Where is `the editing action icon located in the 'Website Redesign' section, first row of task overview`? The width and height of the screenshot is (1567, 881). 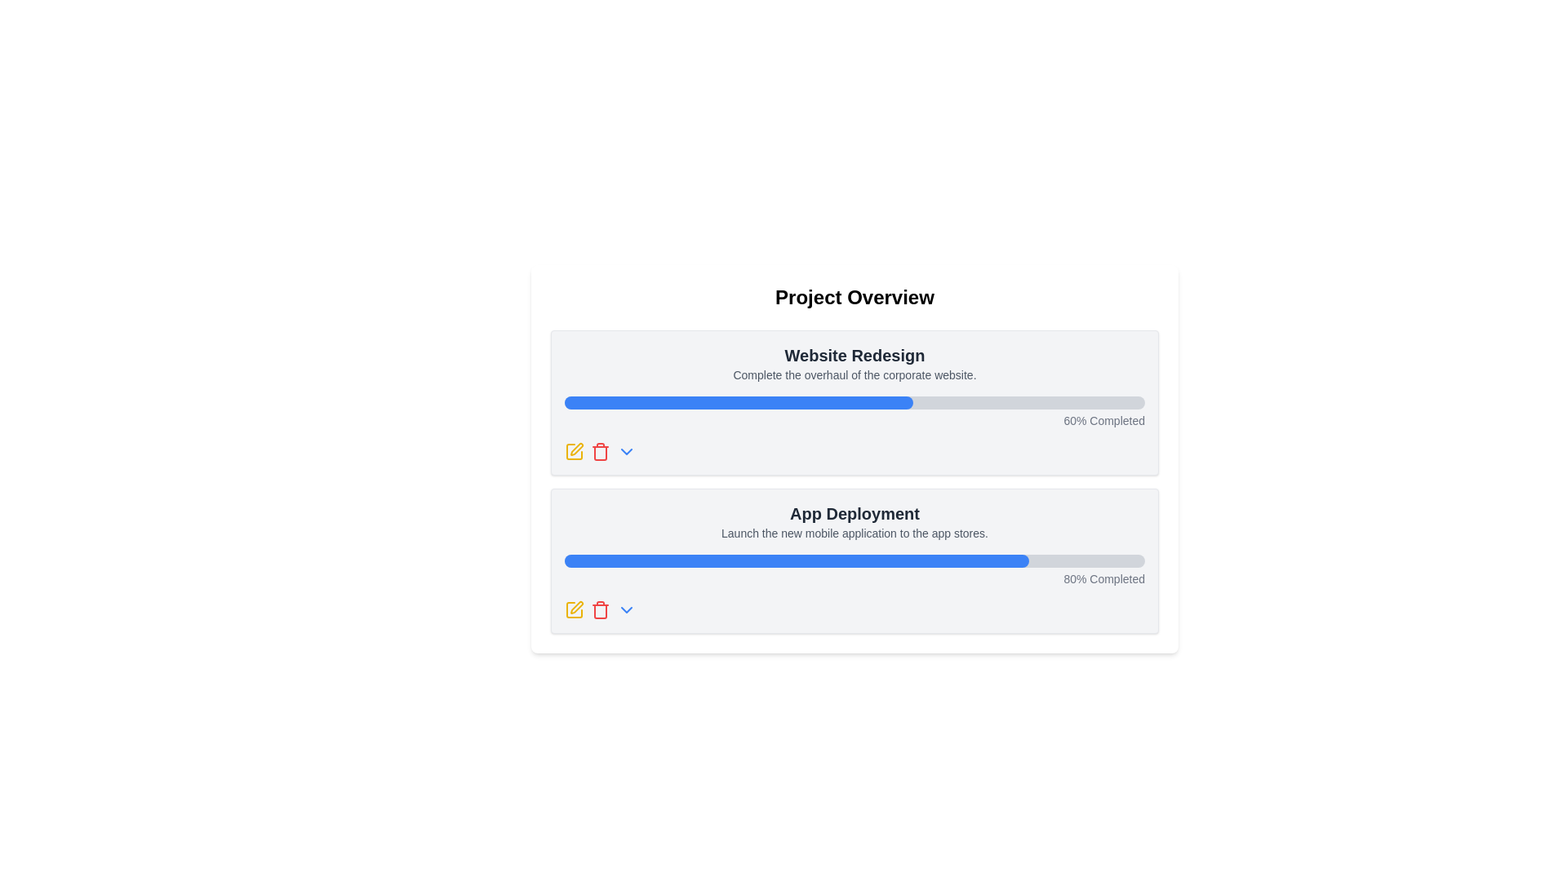
the editing action icon located in the 'Website Redesign' section, first row of task overview is located at coordinates (576, 449).